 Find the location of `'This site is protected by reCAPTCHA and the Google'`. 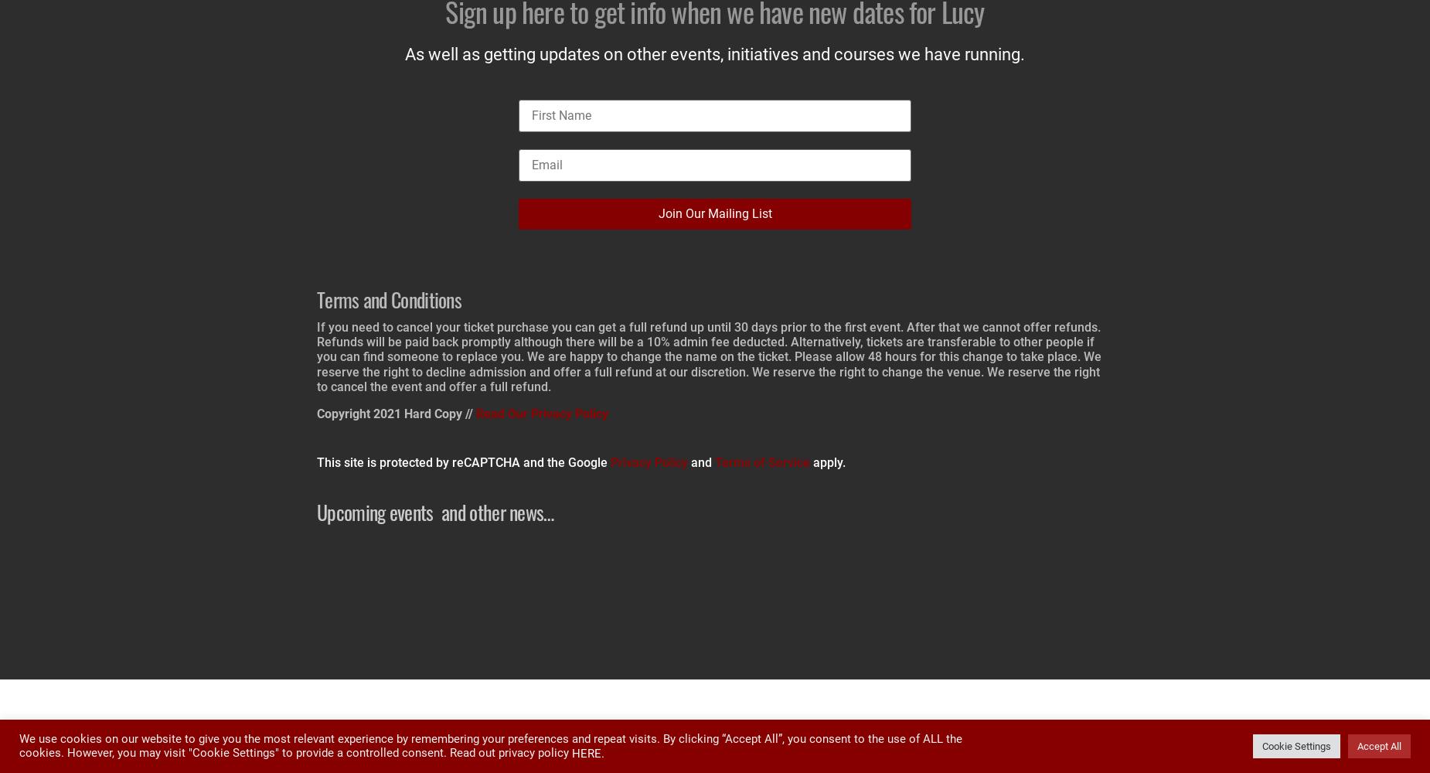

'This site is protected by reCAPTCHA and the Google' is located at coordinates (463, 461).